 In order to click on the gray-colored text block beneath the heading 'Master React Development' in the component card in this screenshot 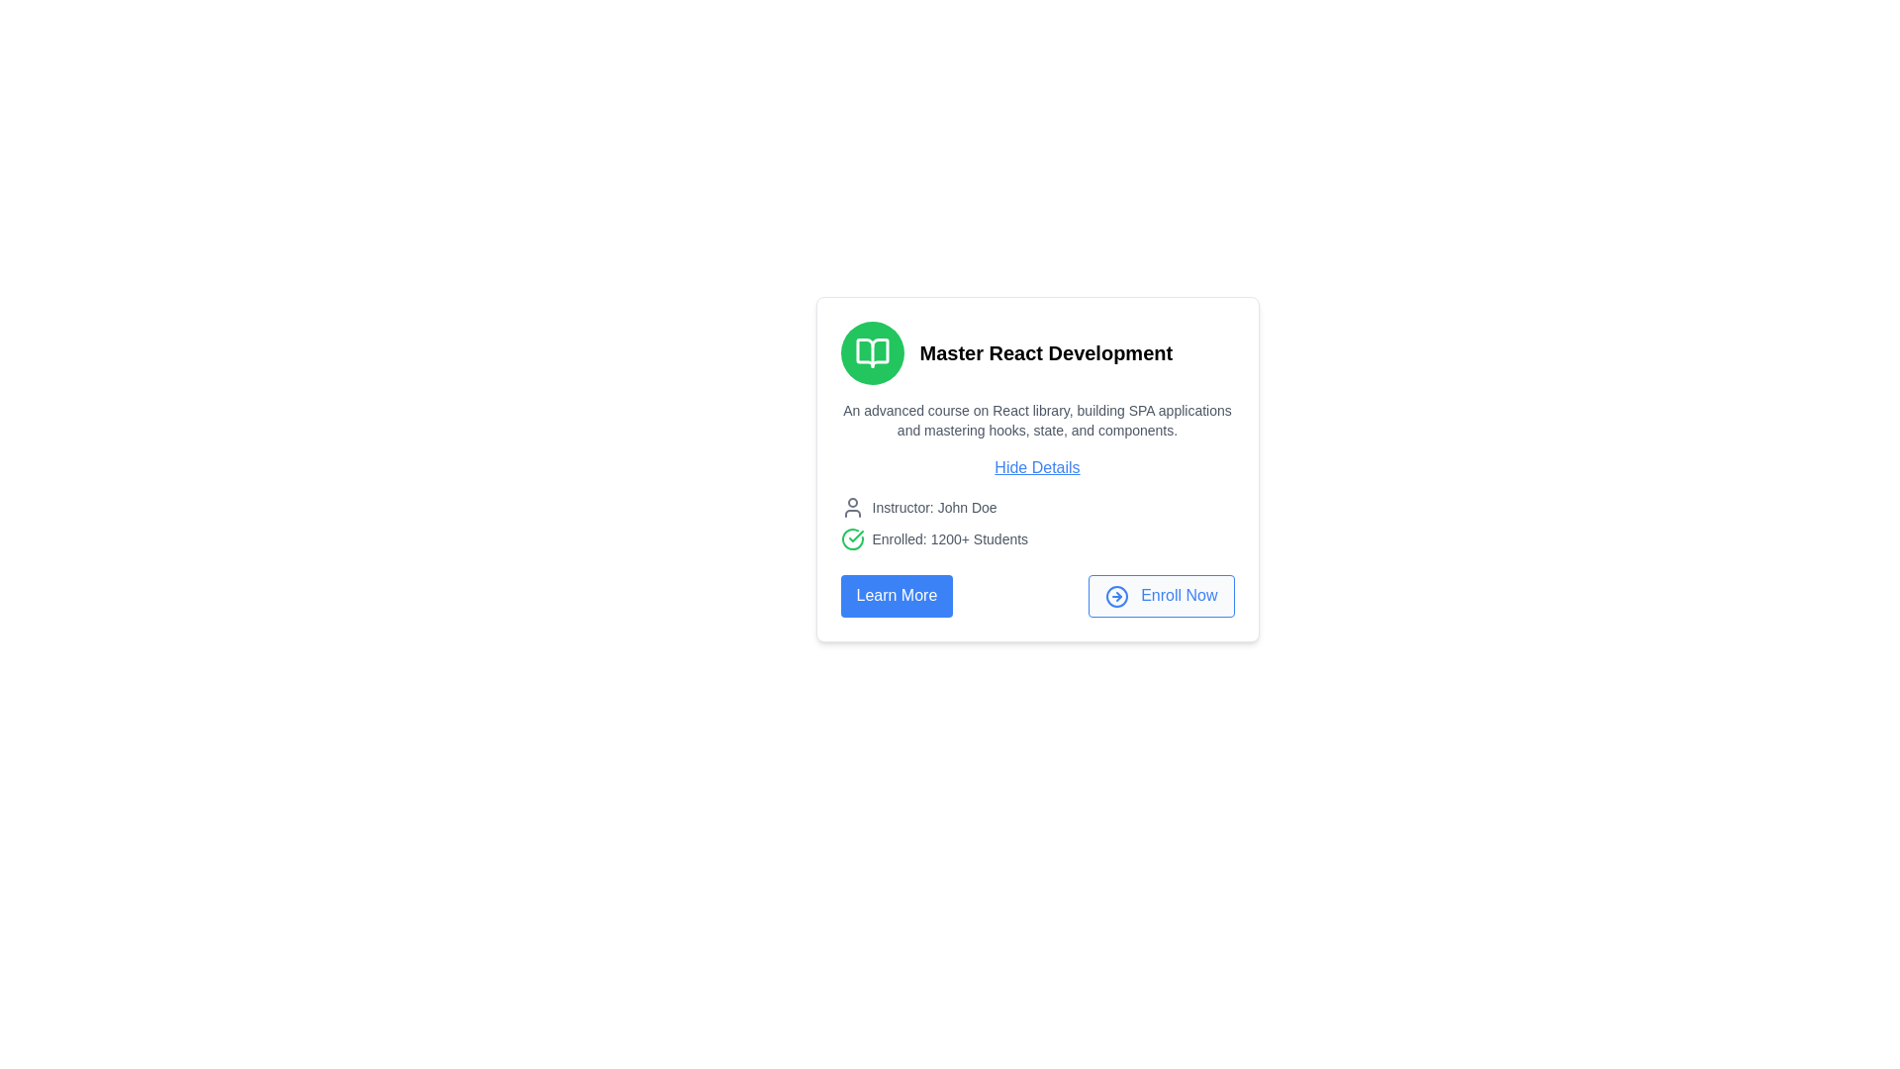, I will do `click(1036, 419)`.